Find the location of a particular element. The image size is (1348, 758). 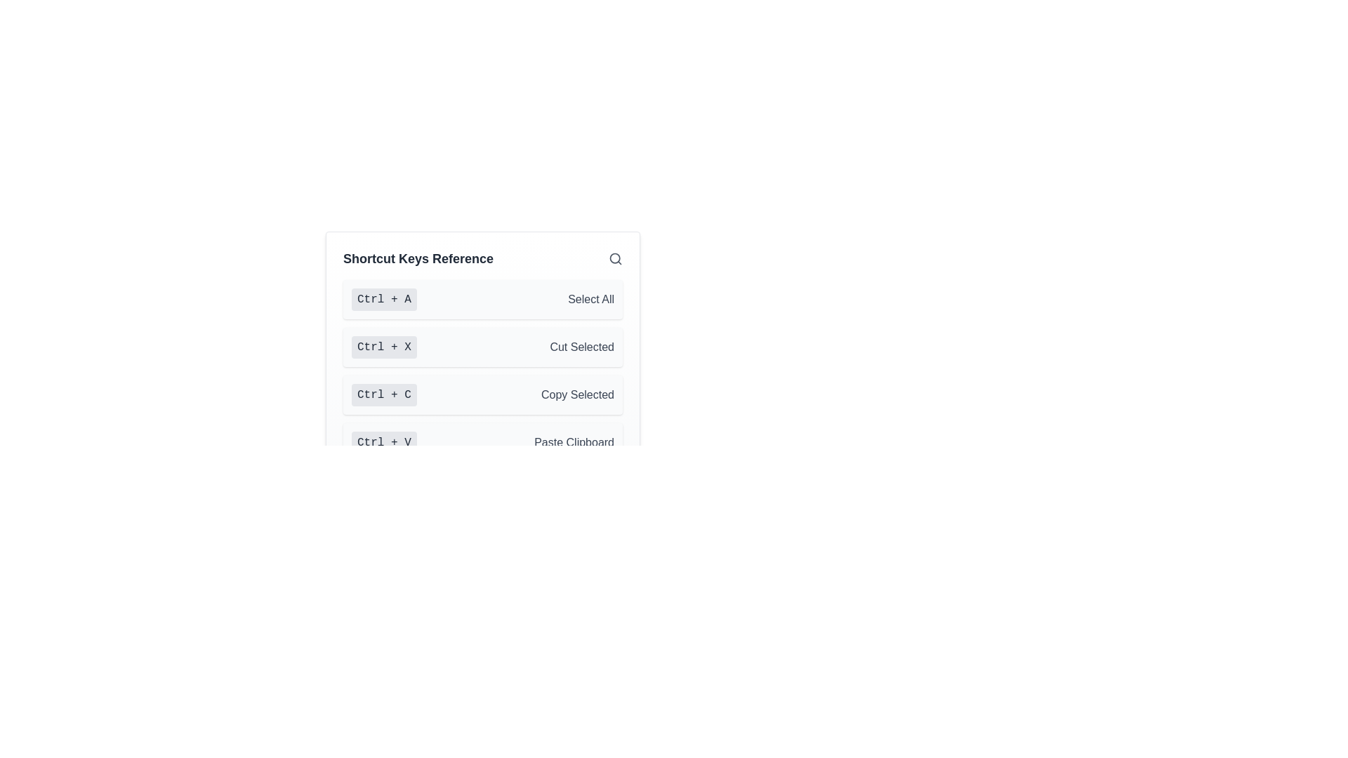

the text label displaying 'Cut Selected', which is part of a shortcut guide interface is located at coordinates (582, 347).